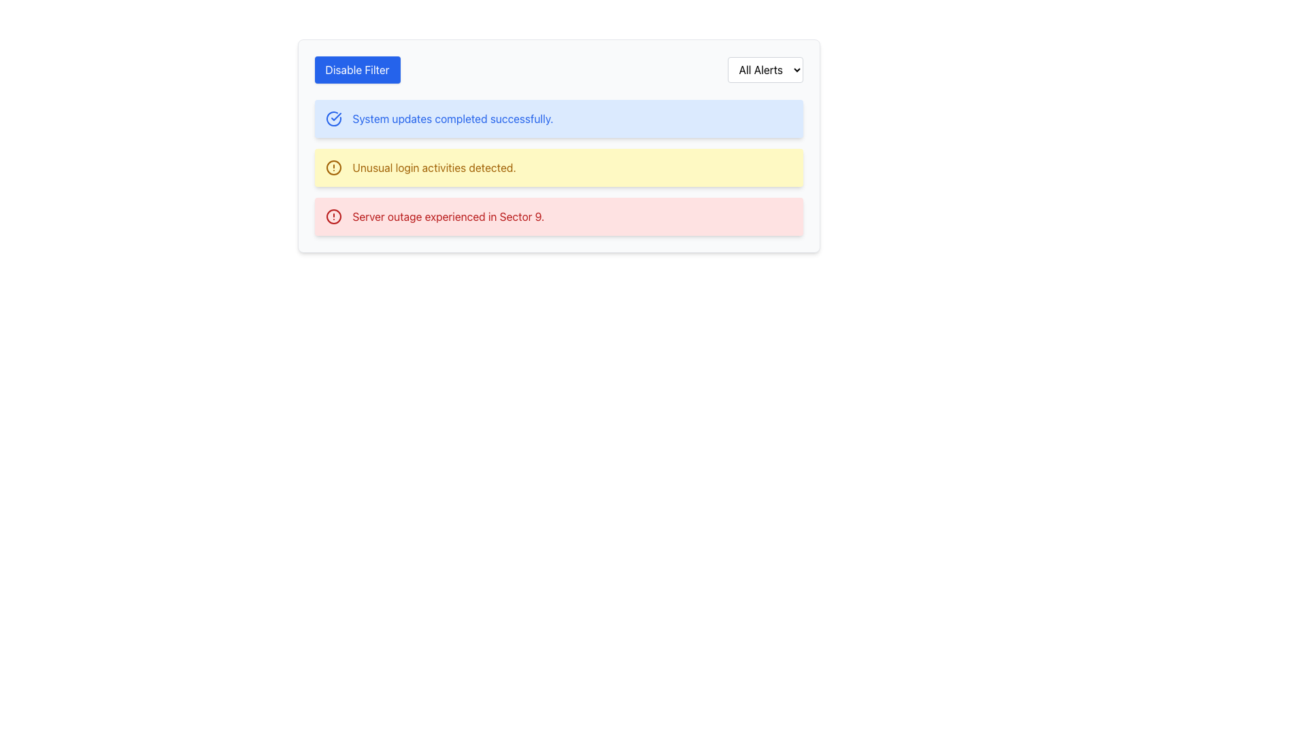  I want to click on the static text element that reads 'Unusual login activities detected.' which is styled with a bold yellow background and maroon-colored text, located centrally in the alert message list, so click(433, 167).